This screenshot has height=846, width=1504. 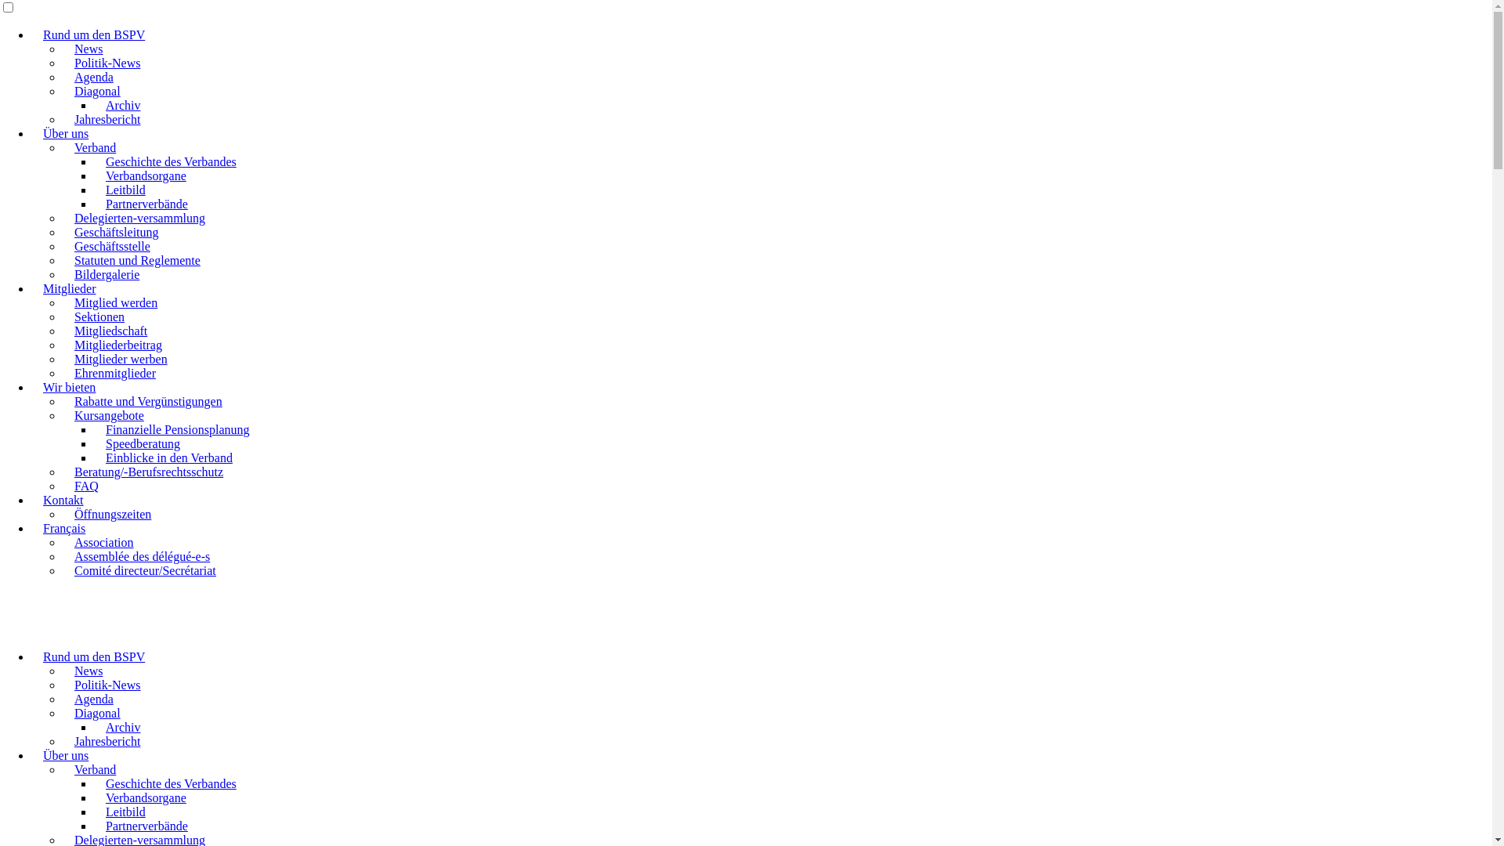 I want to click on 'Diagonal', so click(x=96, y=713).